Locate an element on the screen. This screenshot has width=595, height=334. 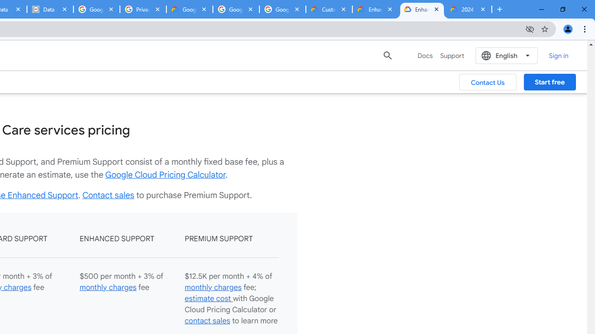
'Bookmark this tab' is located at coordinates (544, 28).